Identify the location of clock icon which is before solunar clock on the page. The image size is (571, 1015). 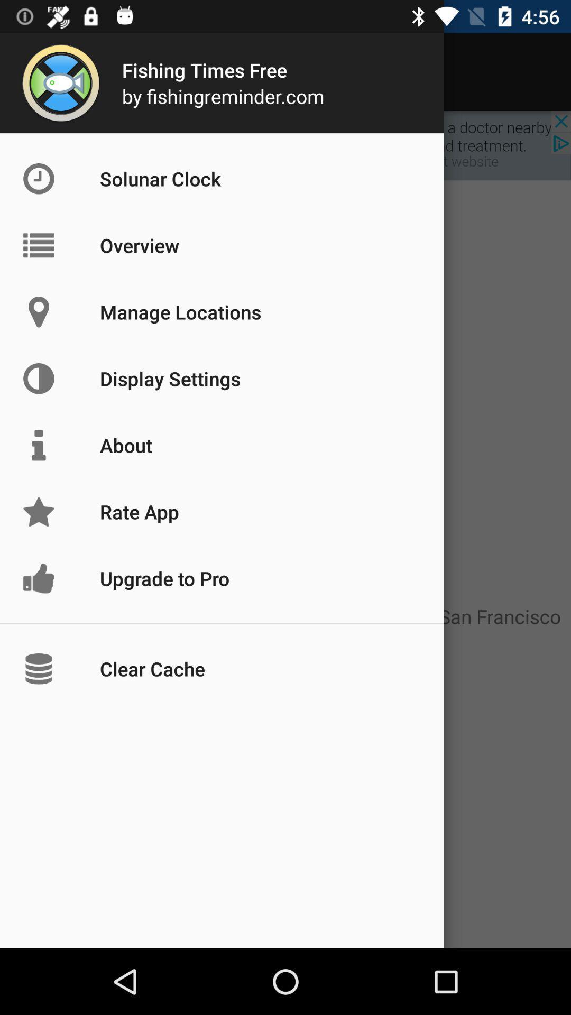
(61, 178).